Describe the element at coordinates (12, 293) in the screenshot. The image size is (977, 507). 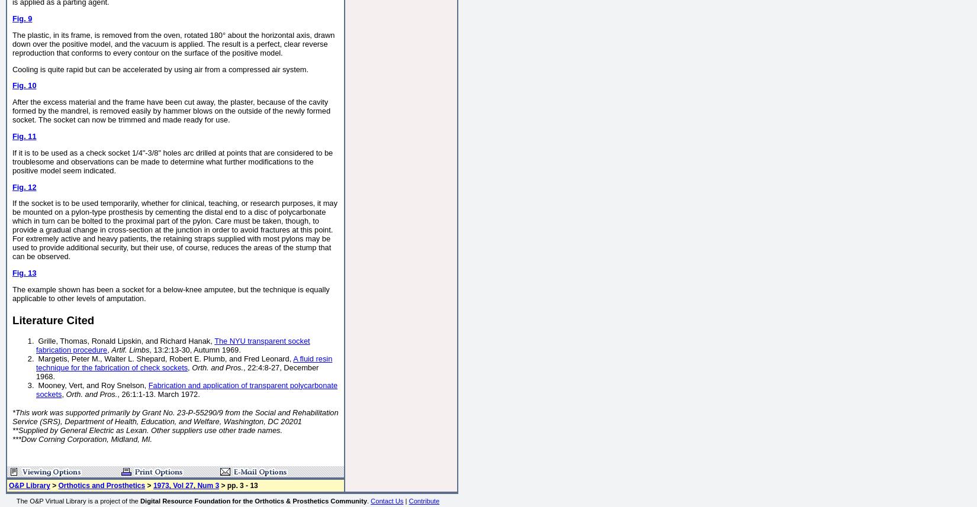
I see `'The example shown has been a socket for a below-knee amputee, but the technique is equally applicable to other levels of amputation.'` at that location.